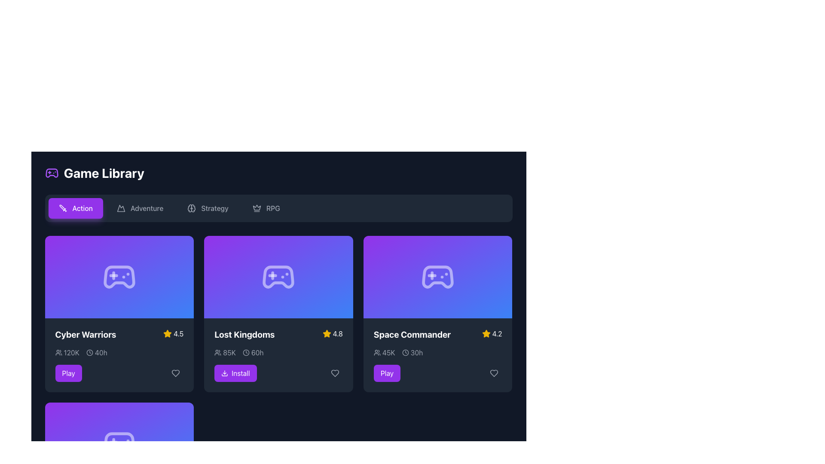  What do you see at coordinates (119, 277) in the screenshot?
I see `the stylized game controller icon located at the top section of the 'Cyber Warriors' card, which is the first card in the grid of game items` at bounding box center [119, 277].